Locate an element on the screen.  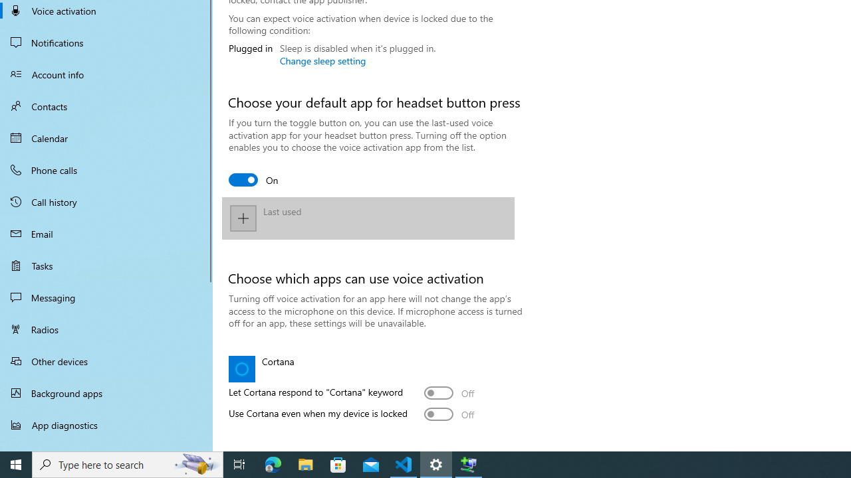
'Change sleep setting' is located at coordinates (322, 60).